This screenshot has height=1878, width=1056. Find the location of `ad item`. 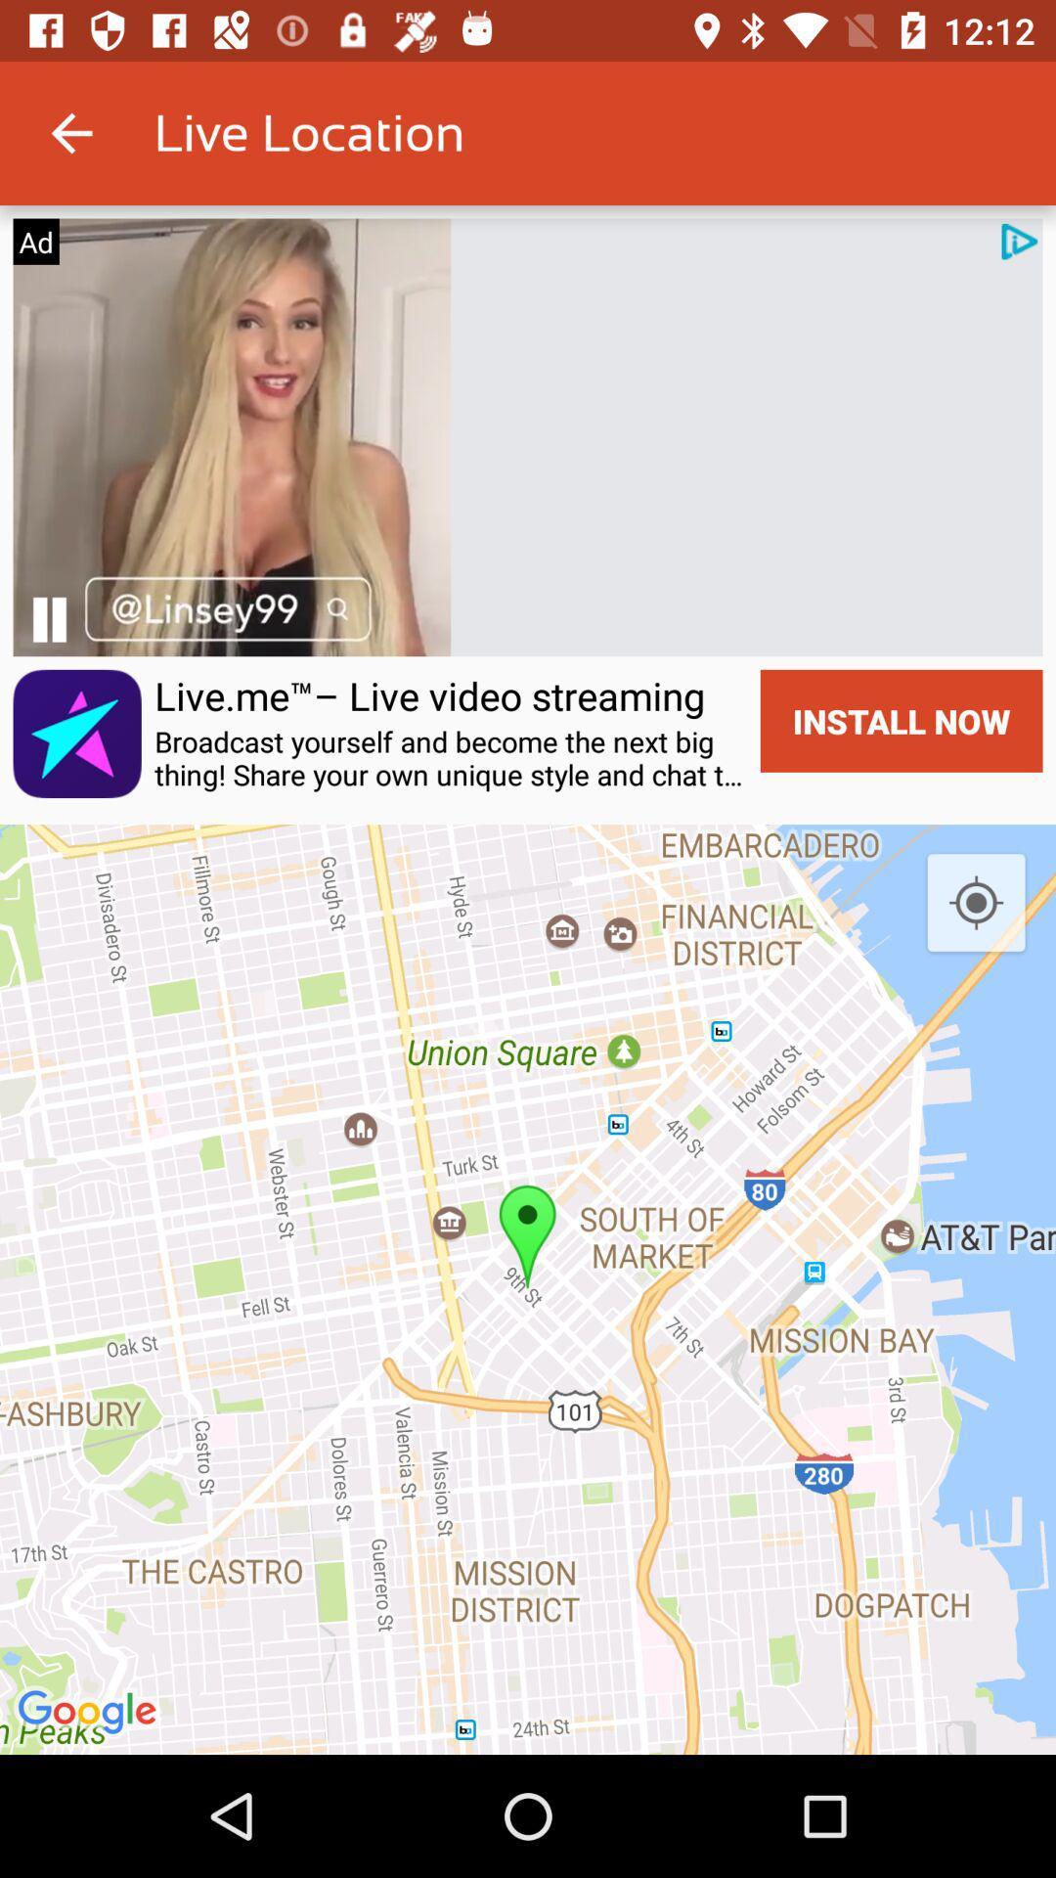

ad item is located at coordinates (36, 241).